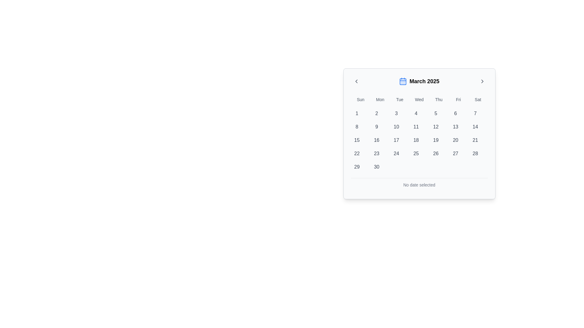  Describe the element at coordinates (357, 167) in the screenshot. I see `the button representing the date '29' in the bottom-right corner of the calendar grid` at that location.